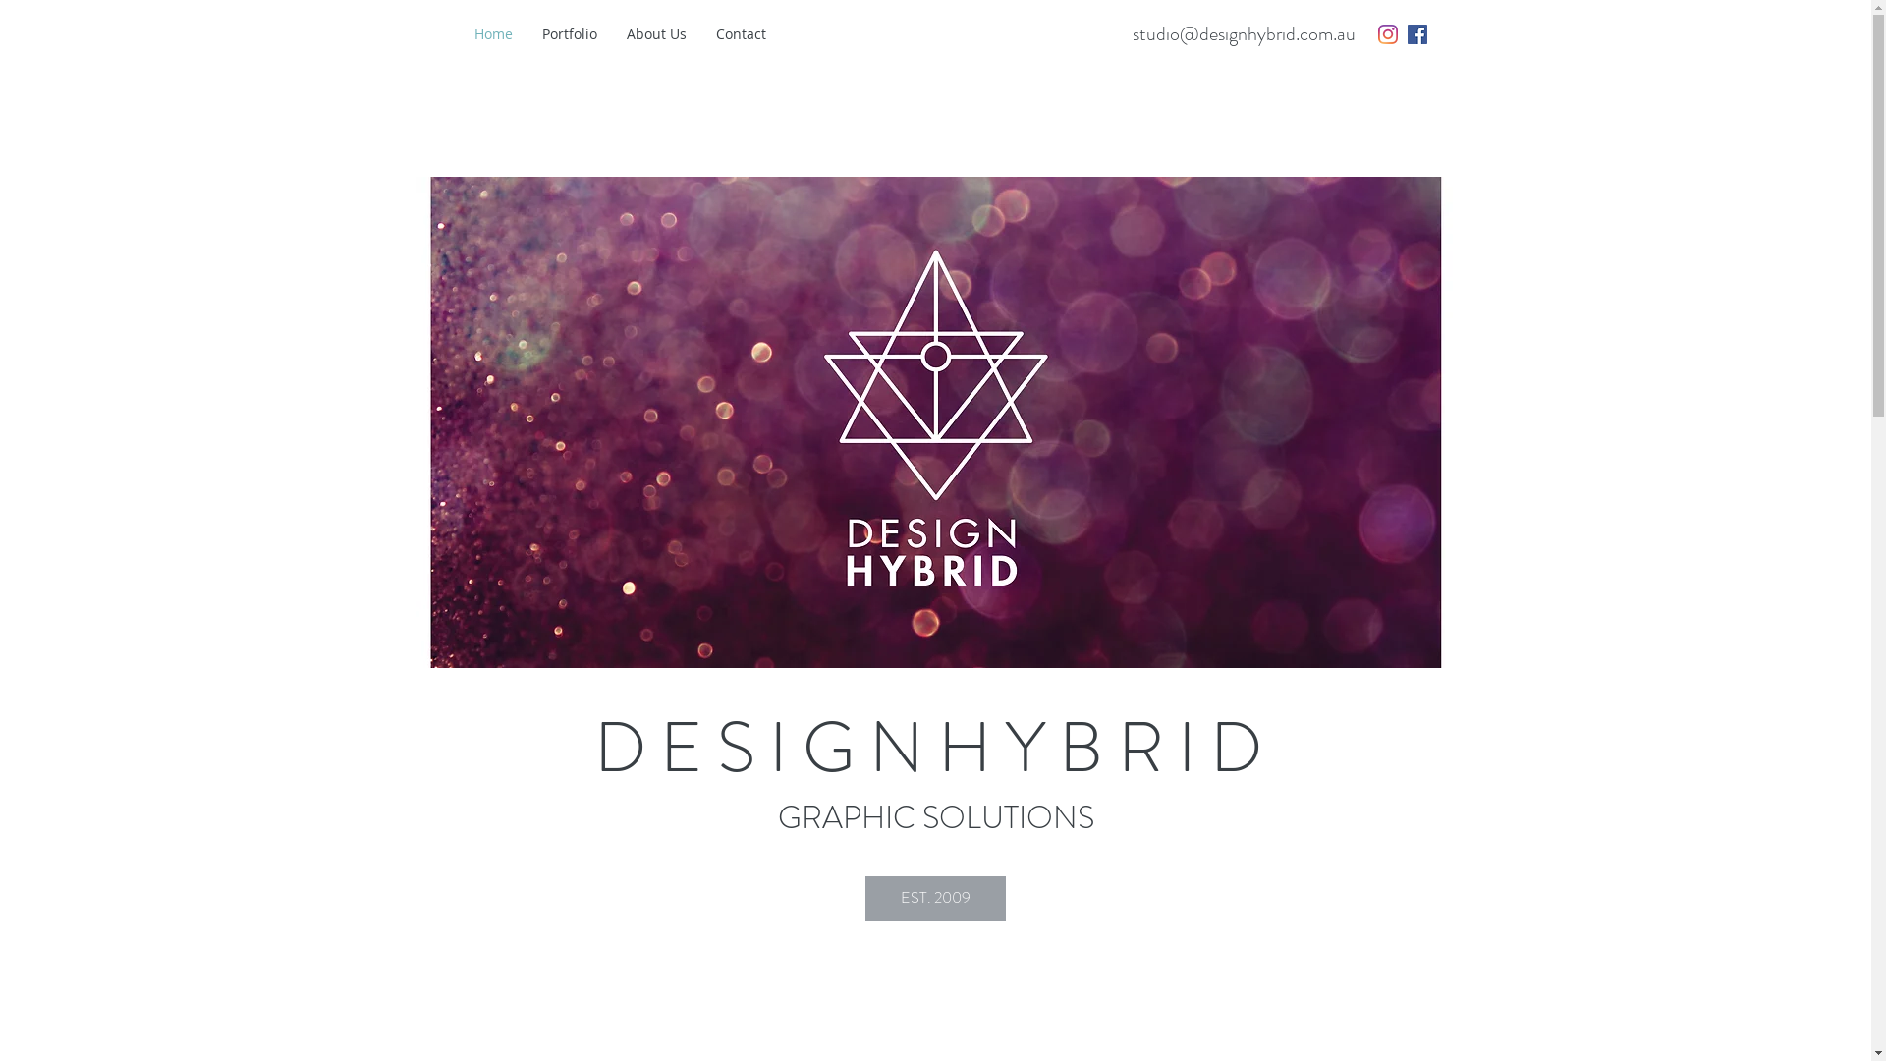 The image size is (1886, 1061). What do you see at coordinates (1243, 33) in the screenshot?
I see `'studio@designhybrid.com.au'` at bounding box center [1243, 33].